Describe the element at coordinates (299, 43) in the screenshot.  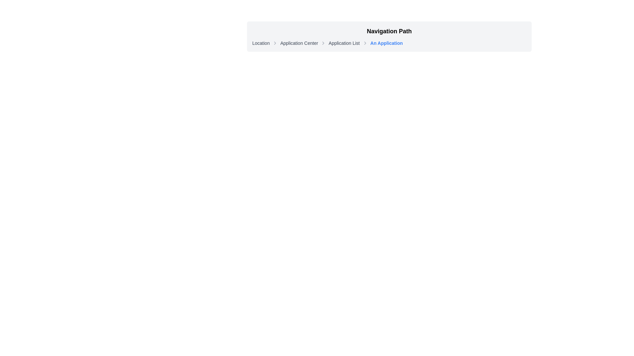
I see `the 'Application Center' hyperlink in the breadcrumb navigation bar` at that location.